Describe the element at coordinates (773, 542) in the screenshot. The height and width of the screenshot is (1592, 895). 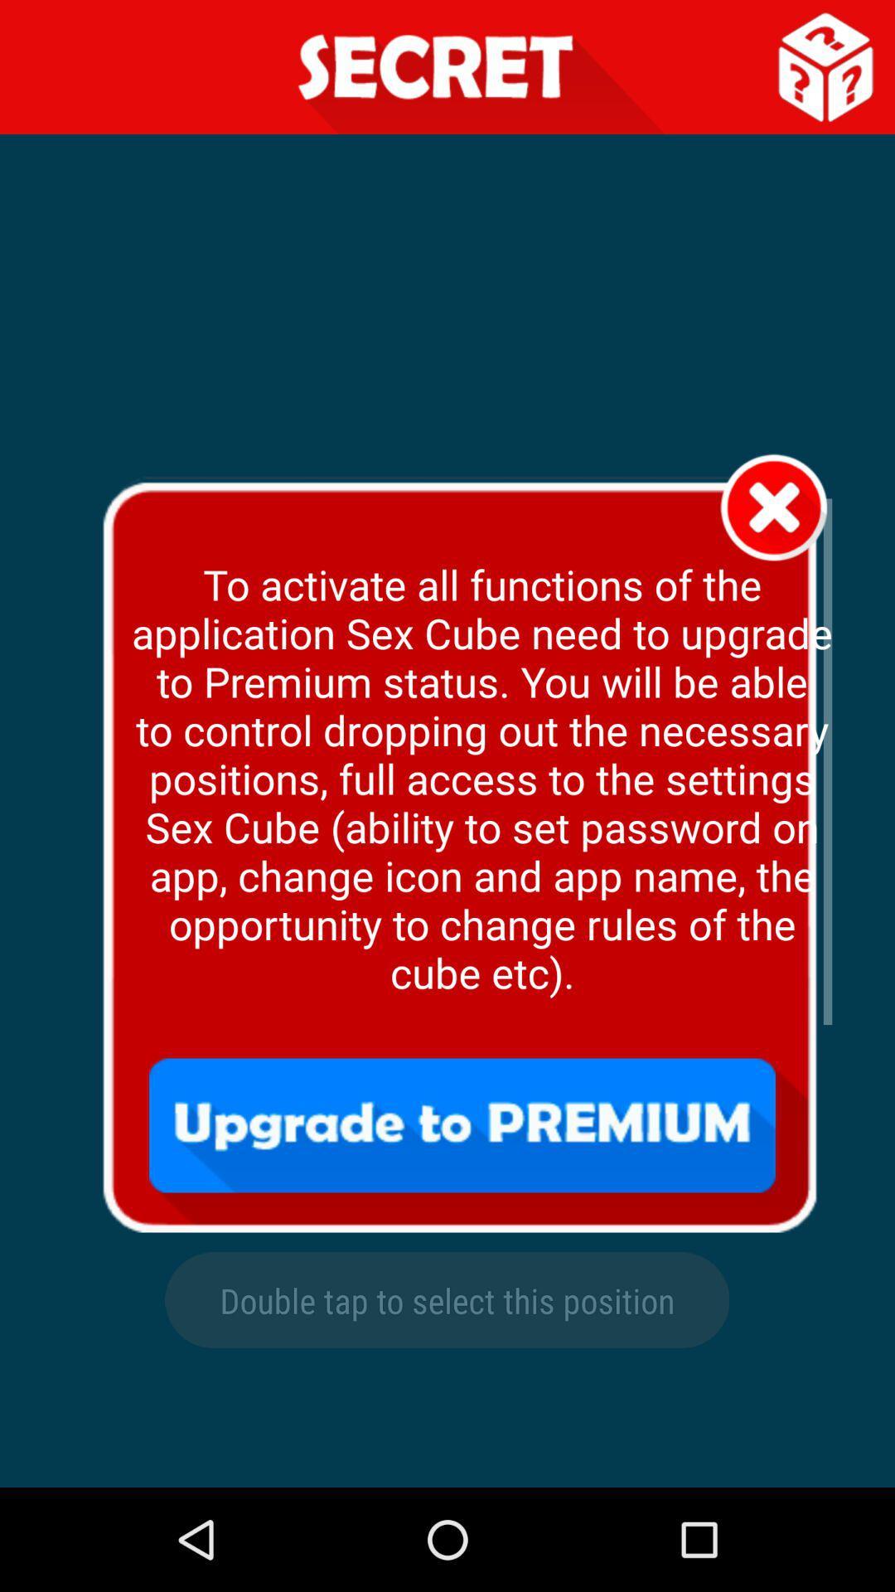
I see `the close icon` at that location.